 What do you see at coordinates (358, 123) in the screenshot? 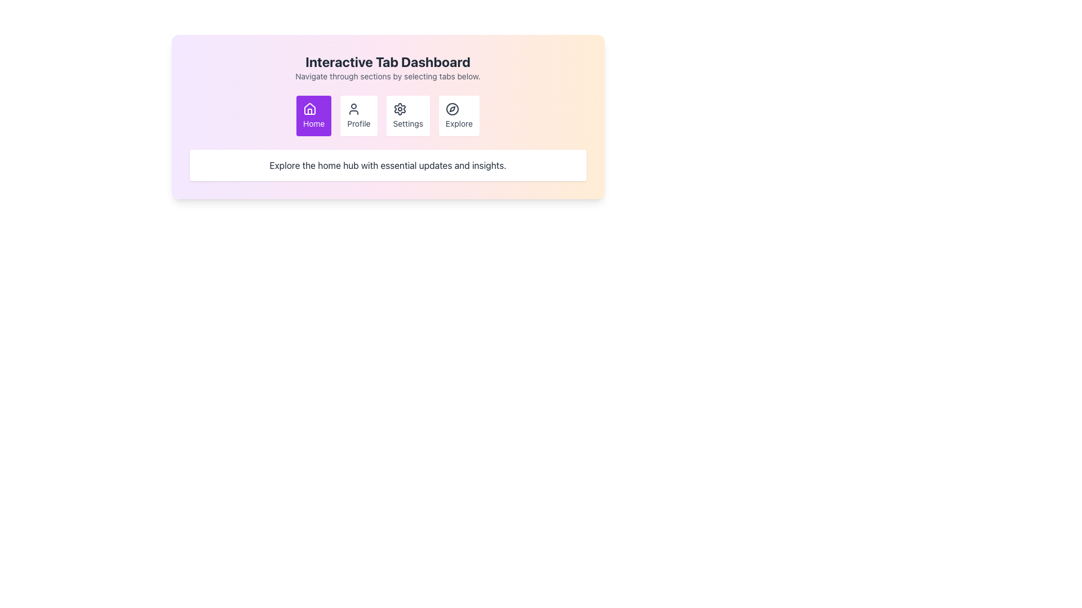
I see `text from the label that identifies the profile button functionality located below the user icon in the second position of the row of interactive icons` at bounding box center [358, 123].